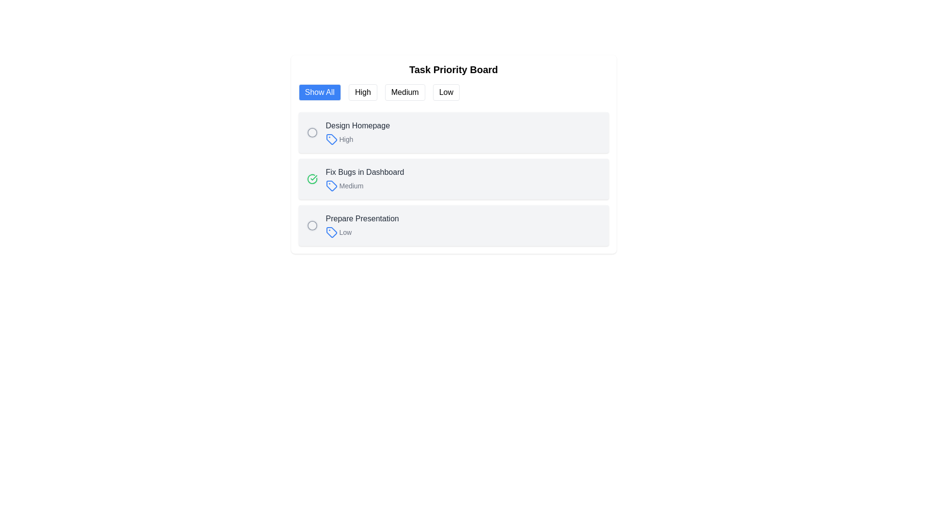 The height and width of the screenshot is (523, 930). What do you see at coordinates (453, 69) in the screenshot?
I see `the bold text label reading 'Task Priority Board' located at the top of the task management interface` at bounding box center [453, 69].